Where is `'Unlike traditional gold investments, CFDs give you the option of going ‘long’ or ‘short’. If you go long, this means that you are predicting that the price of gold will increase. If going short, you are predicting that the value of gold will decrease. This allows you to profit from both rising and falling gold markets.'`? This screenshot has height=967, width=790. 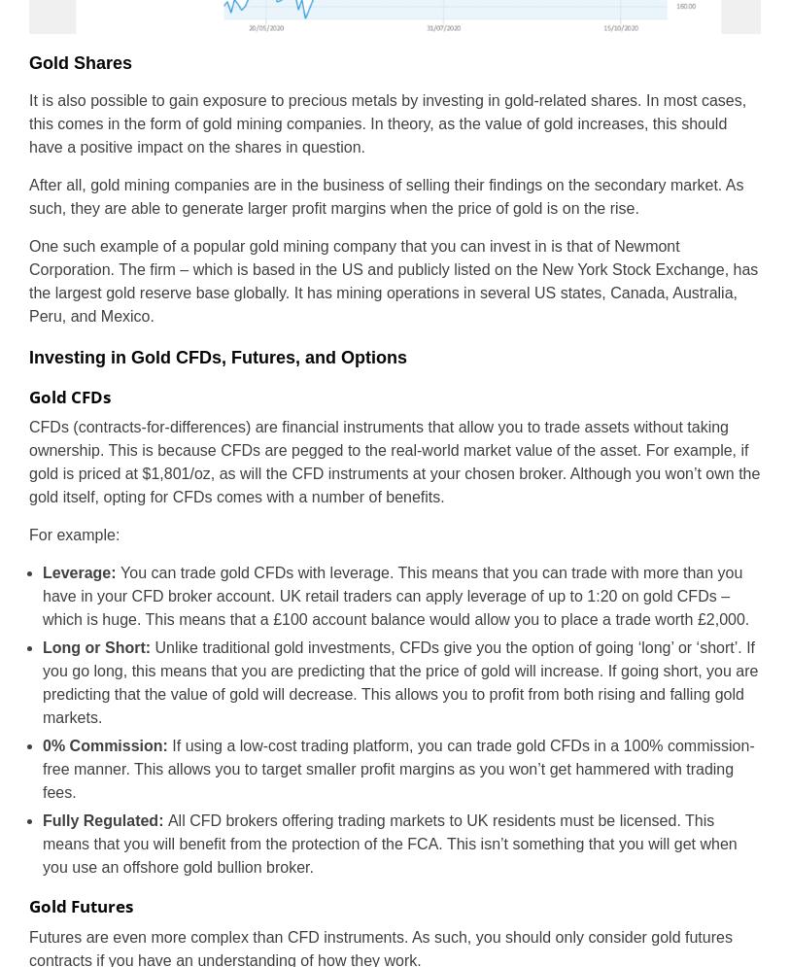
'Unlike traditional gold investments, CFDs give you the option of going ‘long’ or ‘short’. If you go long, this means that you are predicting that the price of gold will increase. If going short, you are predicting that the value of gold will decrease. This allows you to profit from both rising and falling gold markets.' is located at coordinates (400, 682).